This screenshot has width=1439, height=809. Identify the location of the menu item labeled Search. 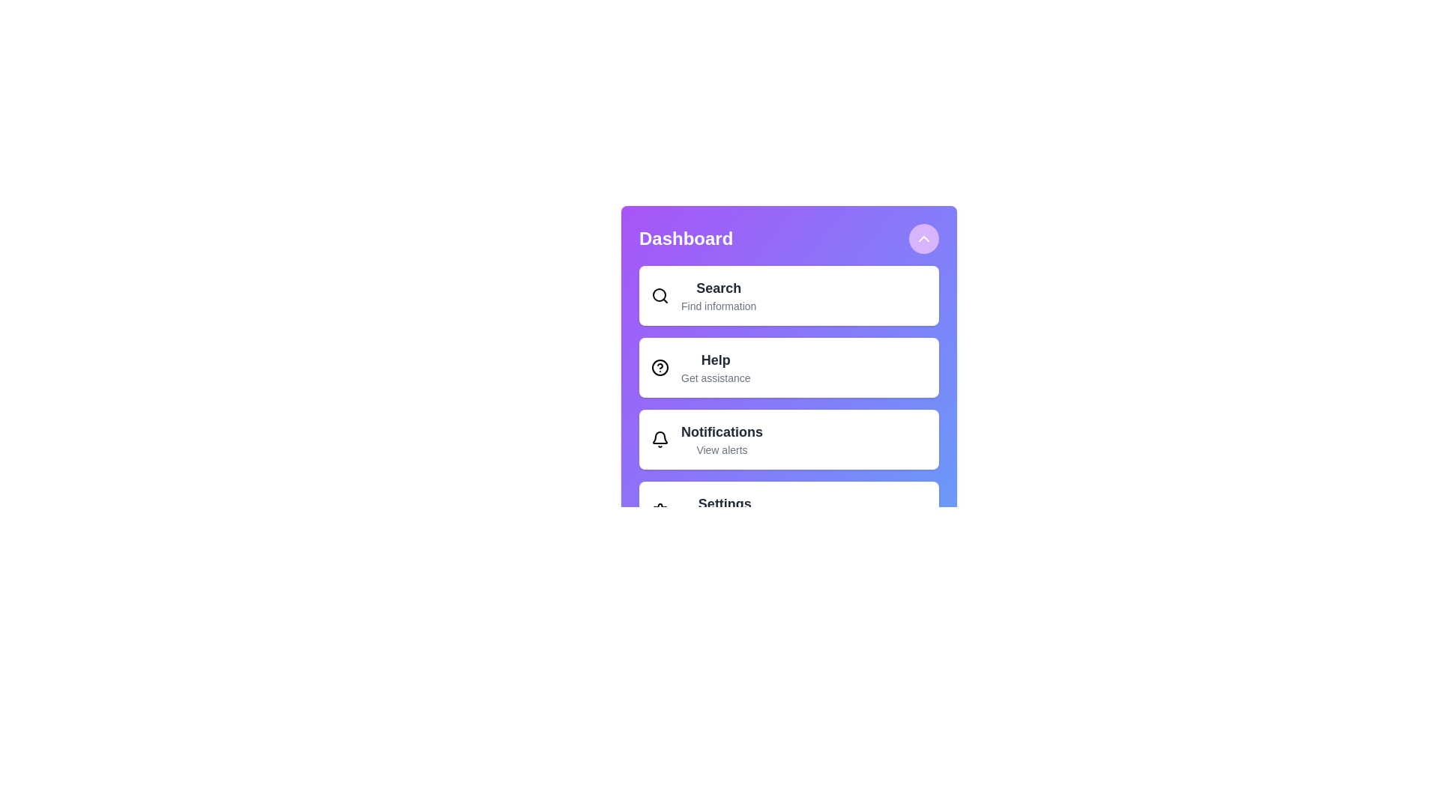
(788, 295).